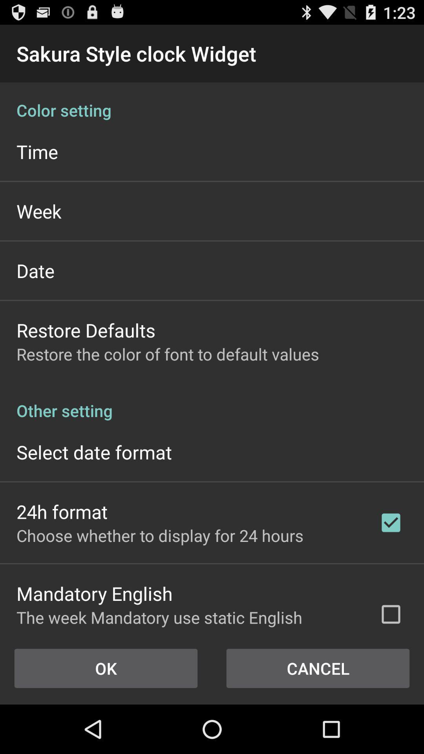 Image resolution: width=424 pixels, height=754 pixels. I want to click on the other setting app, so click(212, 402).